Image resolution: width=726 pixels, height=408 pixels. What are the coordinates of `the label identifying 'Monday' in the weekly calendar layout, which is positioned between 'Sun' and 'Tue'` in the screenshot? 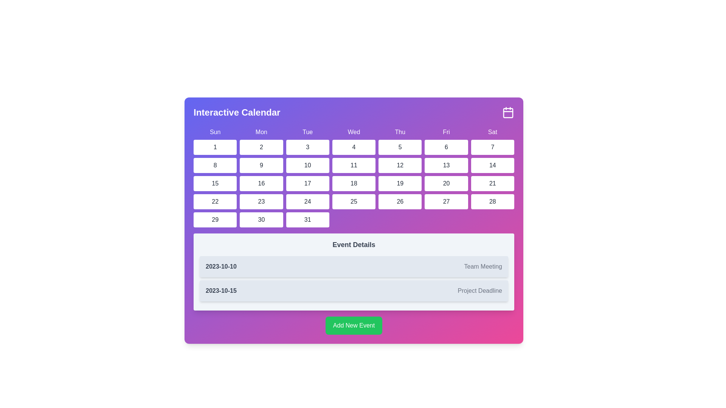 It's located at (261, 132).